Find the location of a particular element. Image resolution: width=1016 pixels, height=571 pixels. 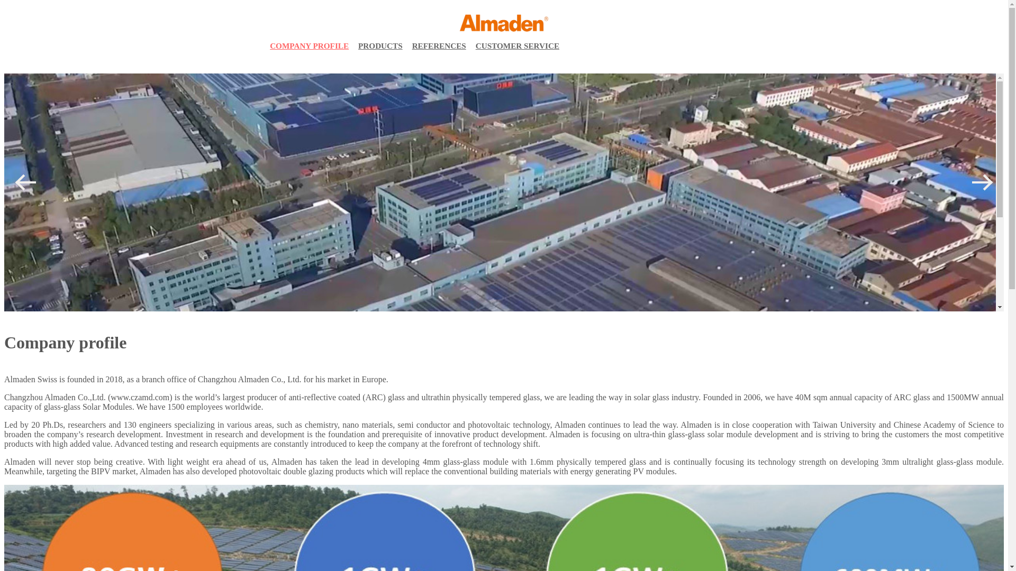

'COMPANY PROFILE' is located at coordinates (309, 45).